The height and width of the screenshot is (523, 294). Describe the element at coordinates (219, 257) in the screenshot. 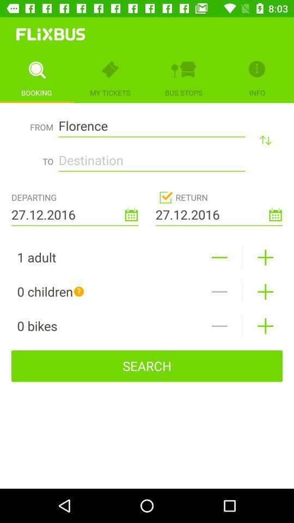

I see `reduce quantity` at that location.